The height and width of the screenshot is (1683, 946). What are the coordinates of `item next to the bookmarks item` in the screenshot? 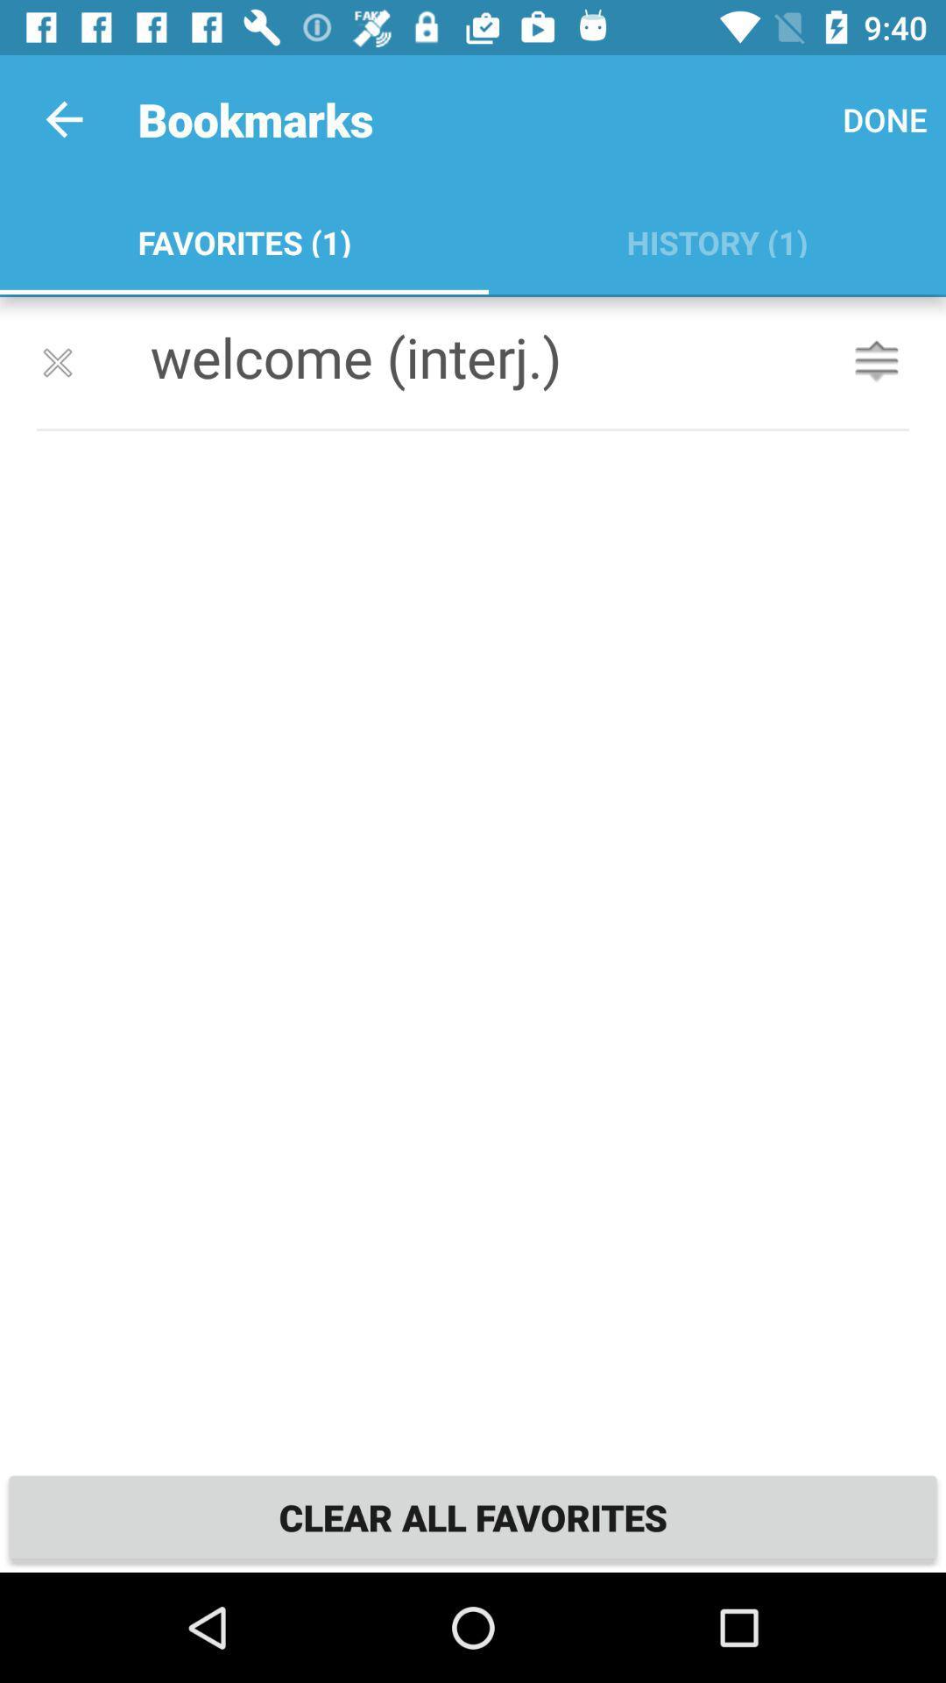 It's located at (63, 118).